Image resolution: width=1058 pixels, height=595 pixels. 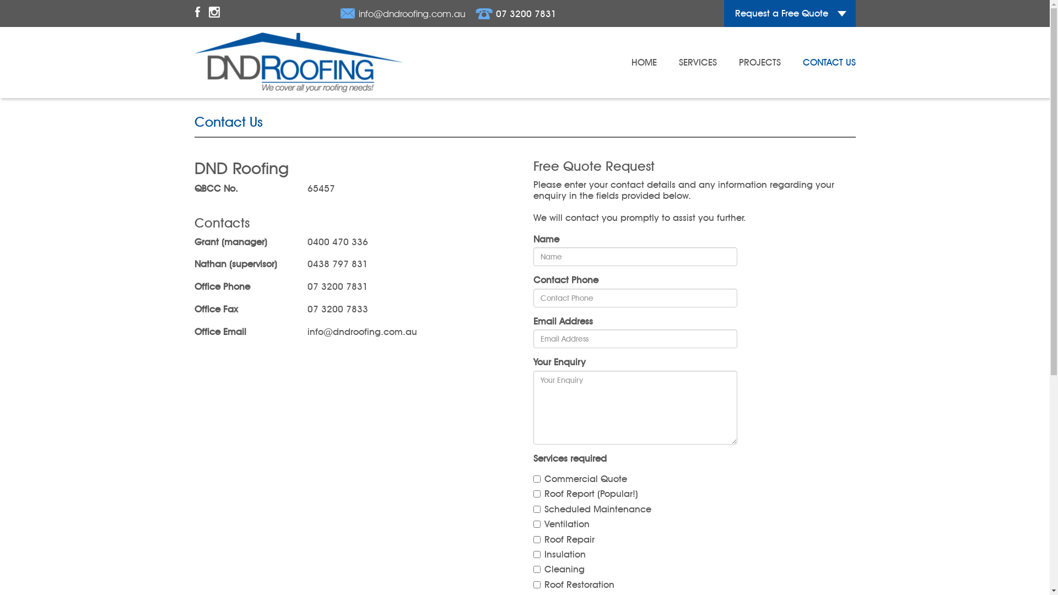 I want to click on 'info@dndroofing.com.au', so click(x=402, y=13).